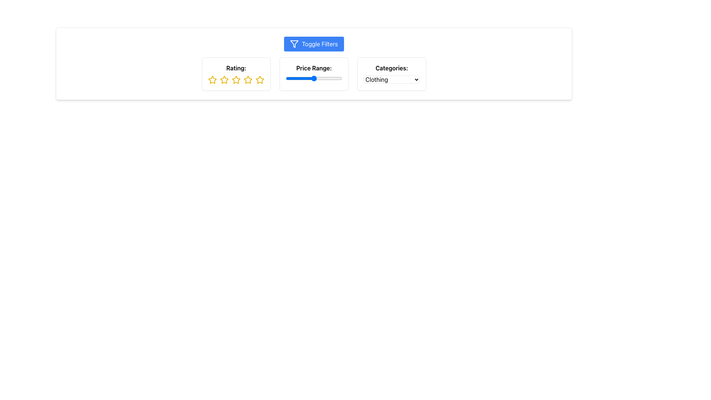 Image resolution: width=711 pixels, height=400 pixels. I want to click on the price range slider, so click(335, 79).